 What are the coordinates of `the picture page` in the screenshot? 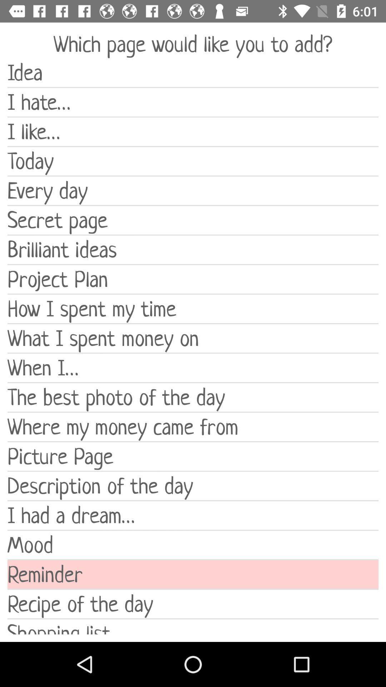 It's located at (193, 456).